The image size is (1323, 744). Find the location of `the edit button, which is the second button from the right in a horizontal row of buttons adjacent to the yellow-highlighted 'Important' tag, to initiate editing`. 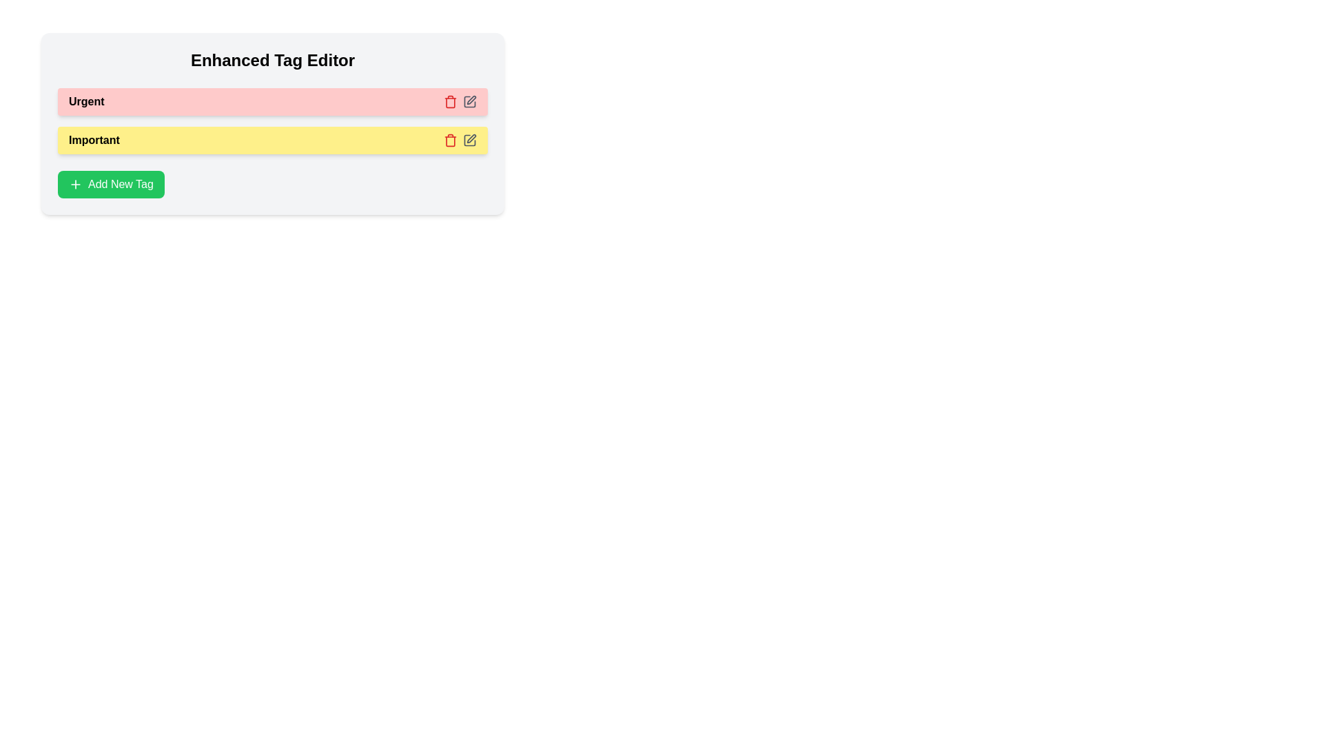

the edit button, which is the second button from the right in a horizontal row of buttons adjacent to the yellow-highlighted 'Important' tag, to initiate editing is located at coordinates (469, 141).